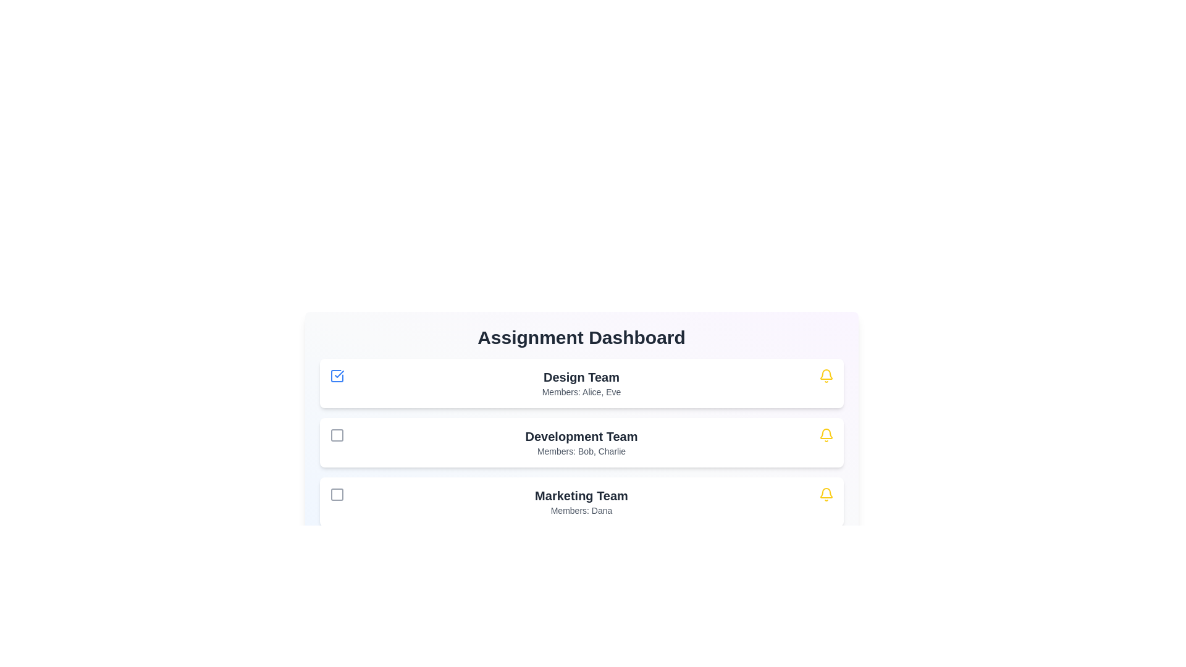  What do you see at coordinates (826, 375) in the screenshot?
I see `the bell icon for the Design Team` at bounding box center [826, 375].